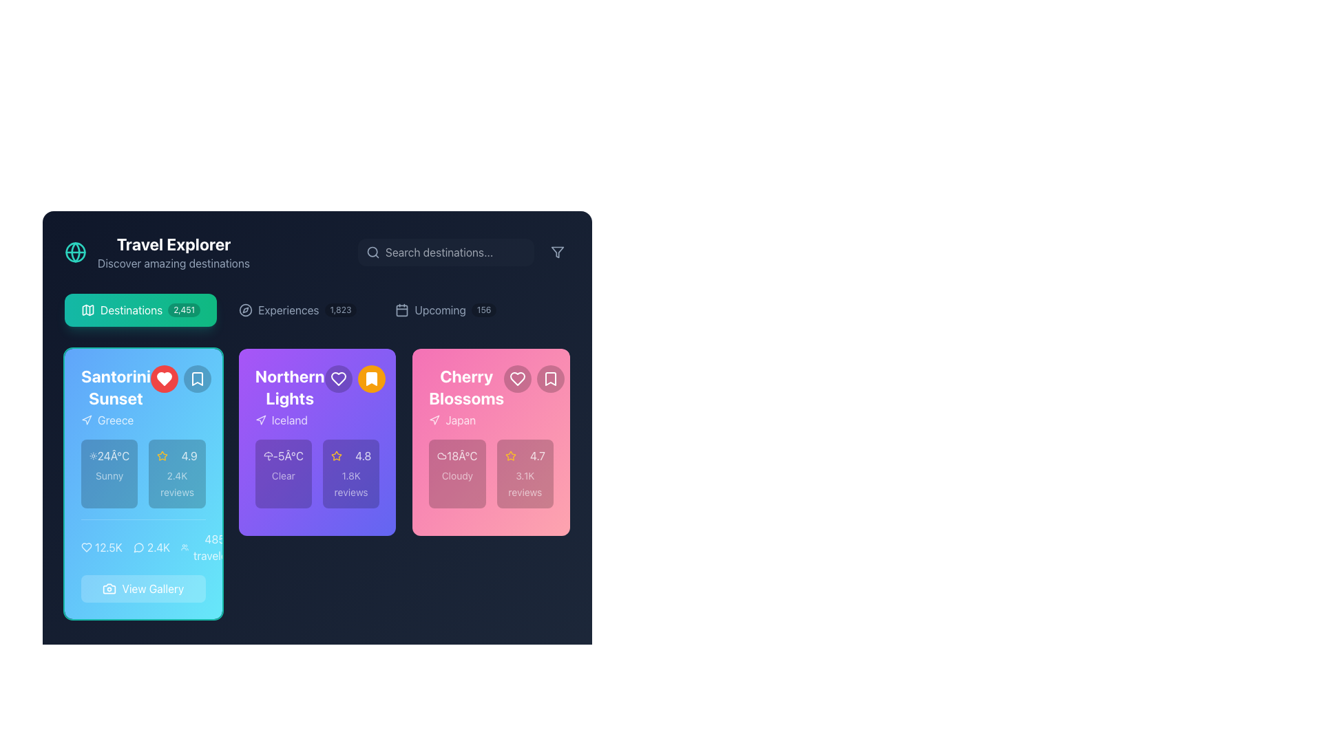 The width and height of the screenshot is (1322, 743). What do you see at coordinates (373, 252) in the screenshot?
I see `the central circular part of the magnifying glass icon on the right-hand side of the top navigation bar` at bounding box center [373, 252].